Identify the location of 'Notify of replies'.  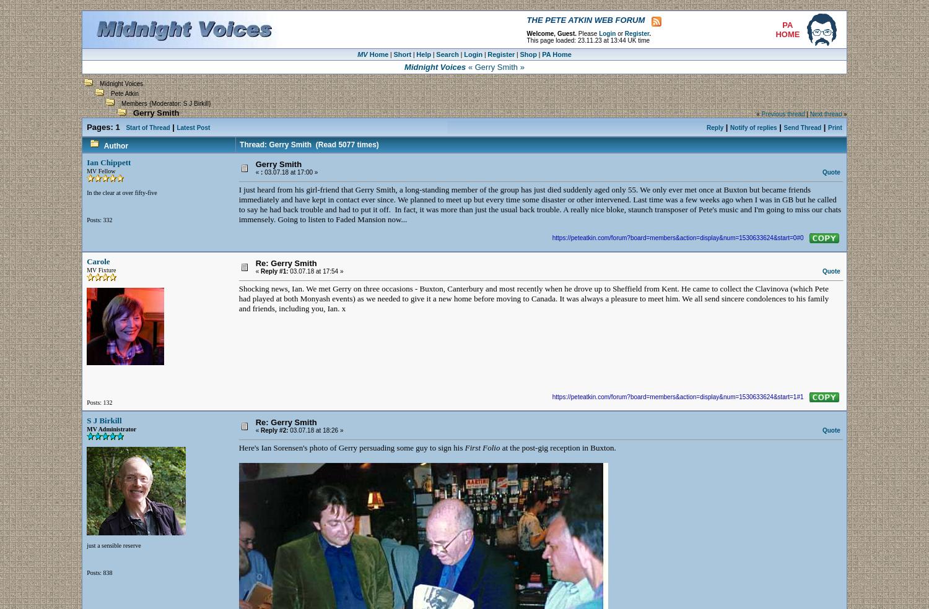
(752, 127).